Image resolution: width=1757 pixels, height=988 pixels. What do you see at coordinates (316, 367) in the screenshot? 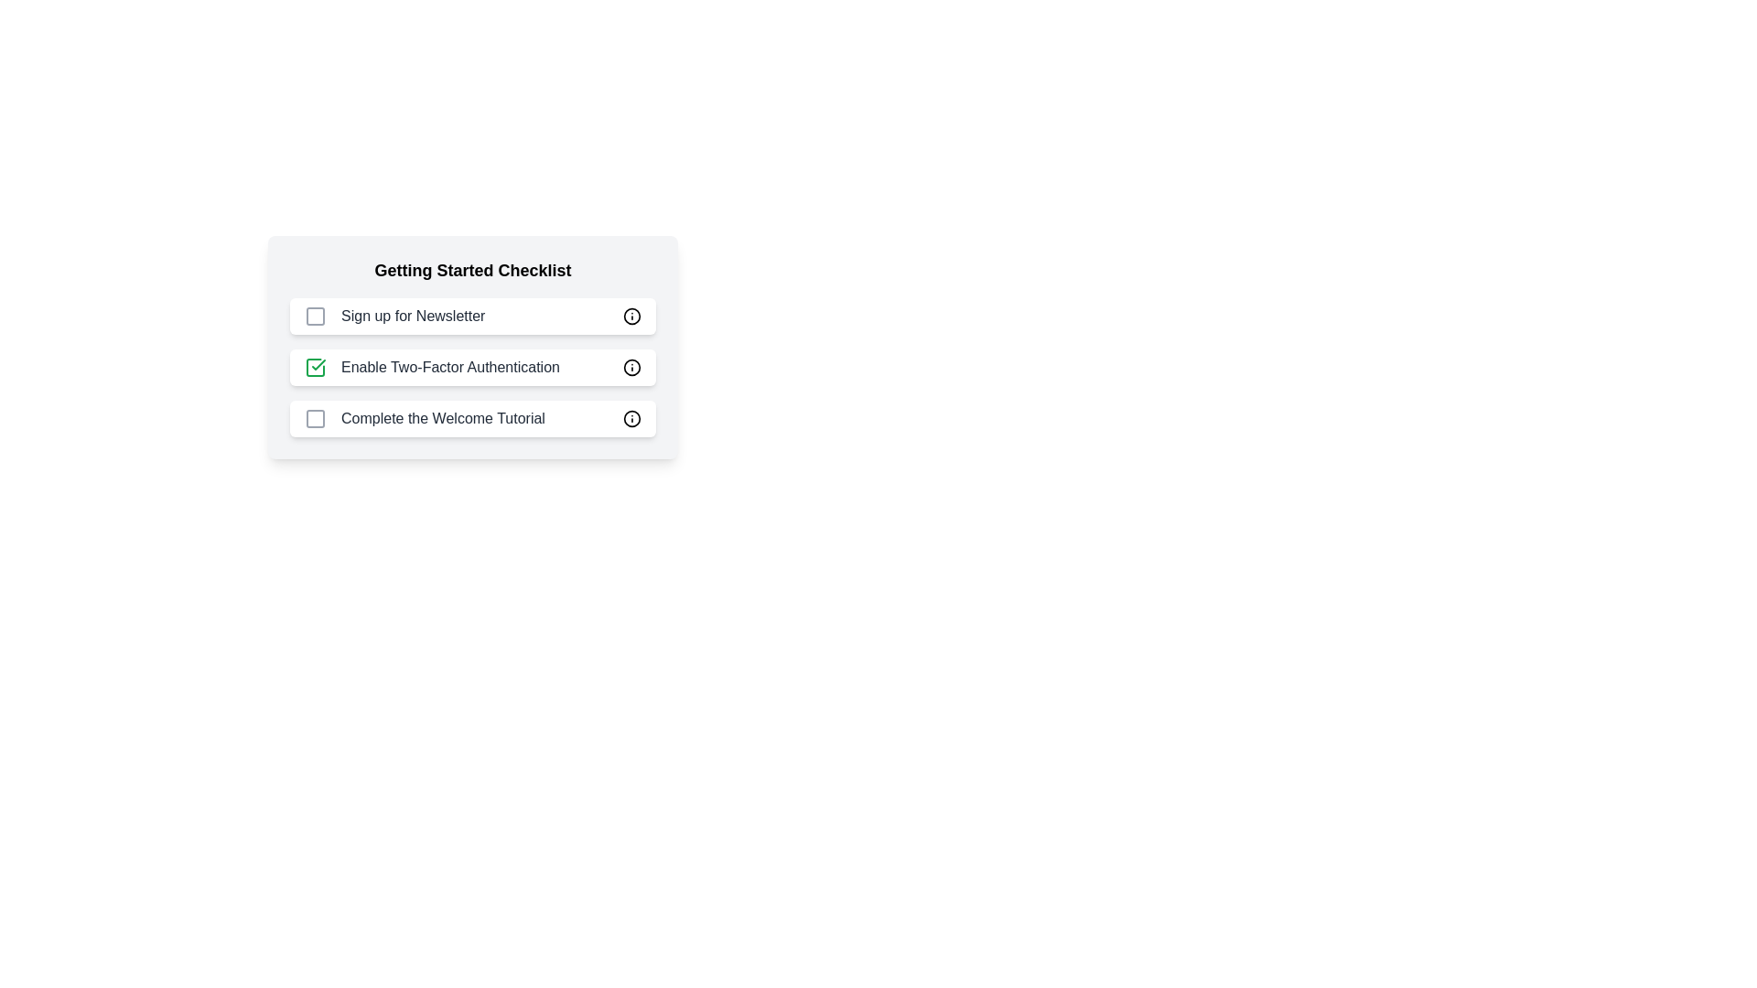
I see `the green checkmark SVG graphic element that is located to the left of the 'Enable Two-Factor Authentication' text label` at bounding box center [316, 367].